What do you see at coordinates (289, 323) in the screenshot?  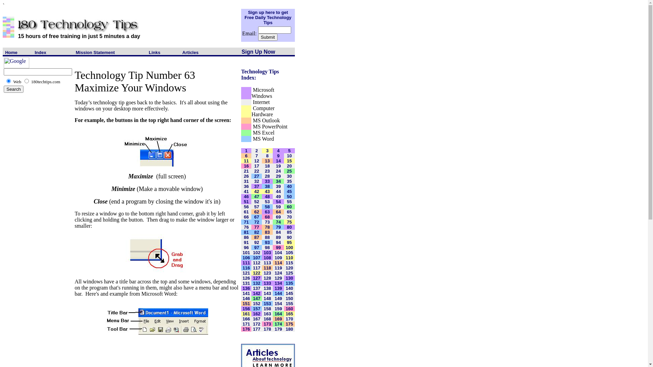 I see `'175'` at bounding box center [289, 323].